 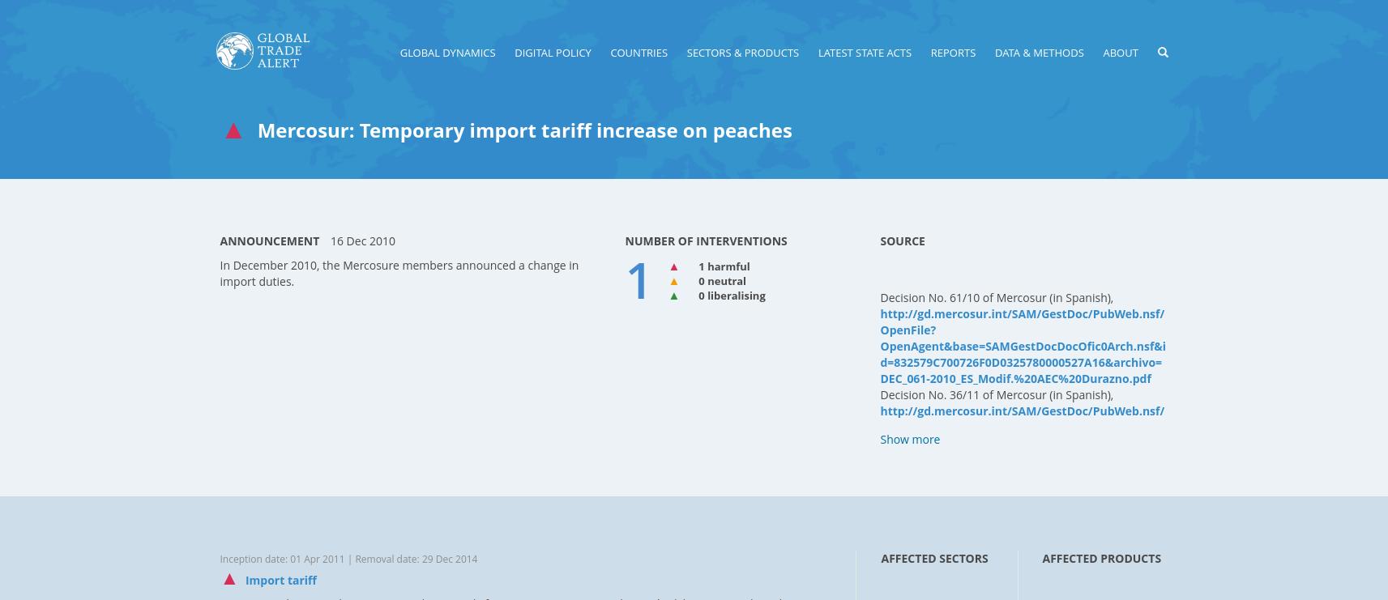 What do you see at coordinates (864, 51) in the screenshot?
I see `'LATEST STATE ACTS'` at bounding box center [864, 51].